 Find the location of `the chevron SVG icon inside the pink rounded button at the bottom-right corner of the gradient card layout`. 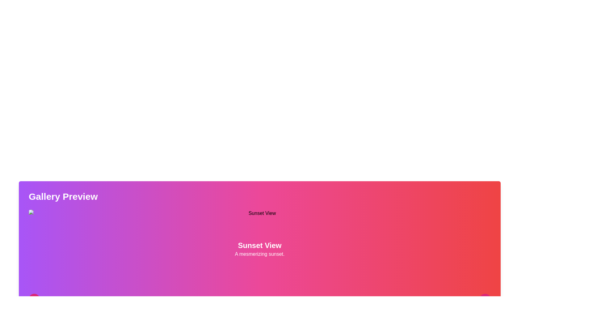

the chevron SVG icon inside the pink rounded button at the bottom-right corner of the gradient card layout is located at coordinates (485, 299).